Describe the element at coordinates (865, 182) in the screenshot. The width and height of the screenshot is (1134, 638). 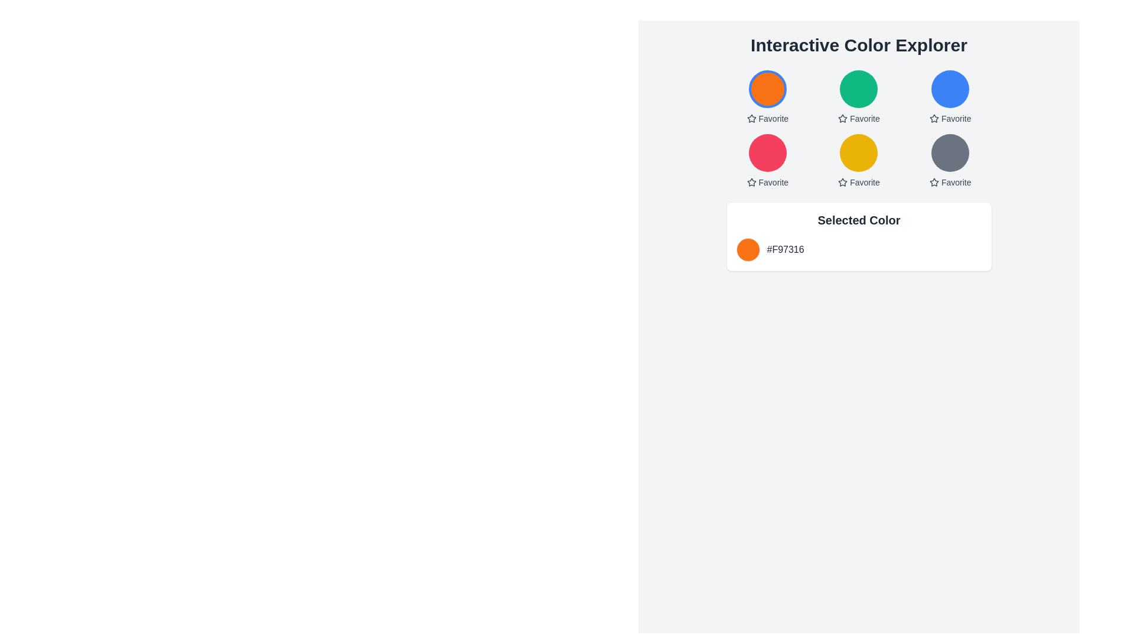
I see `label that displays 'Favorite', styled in grayscale and located near a star icon in the bottom-right of the second row of color circles` at that location.